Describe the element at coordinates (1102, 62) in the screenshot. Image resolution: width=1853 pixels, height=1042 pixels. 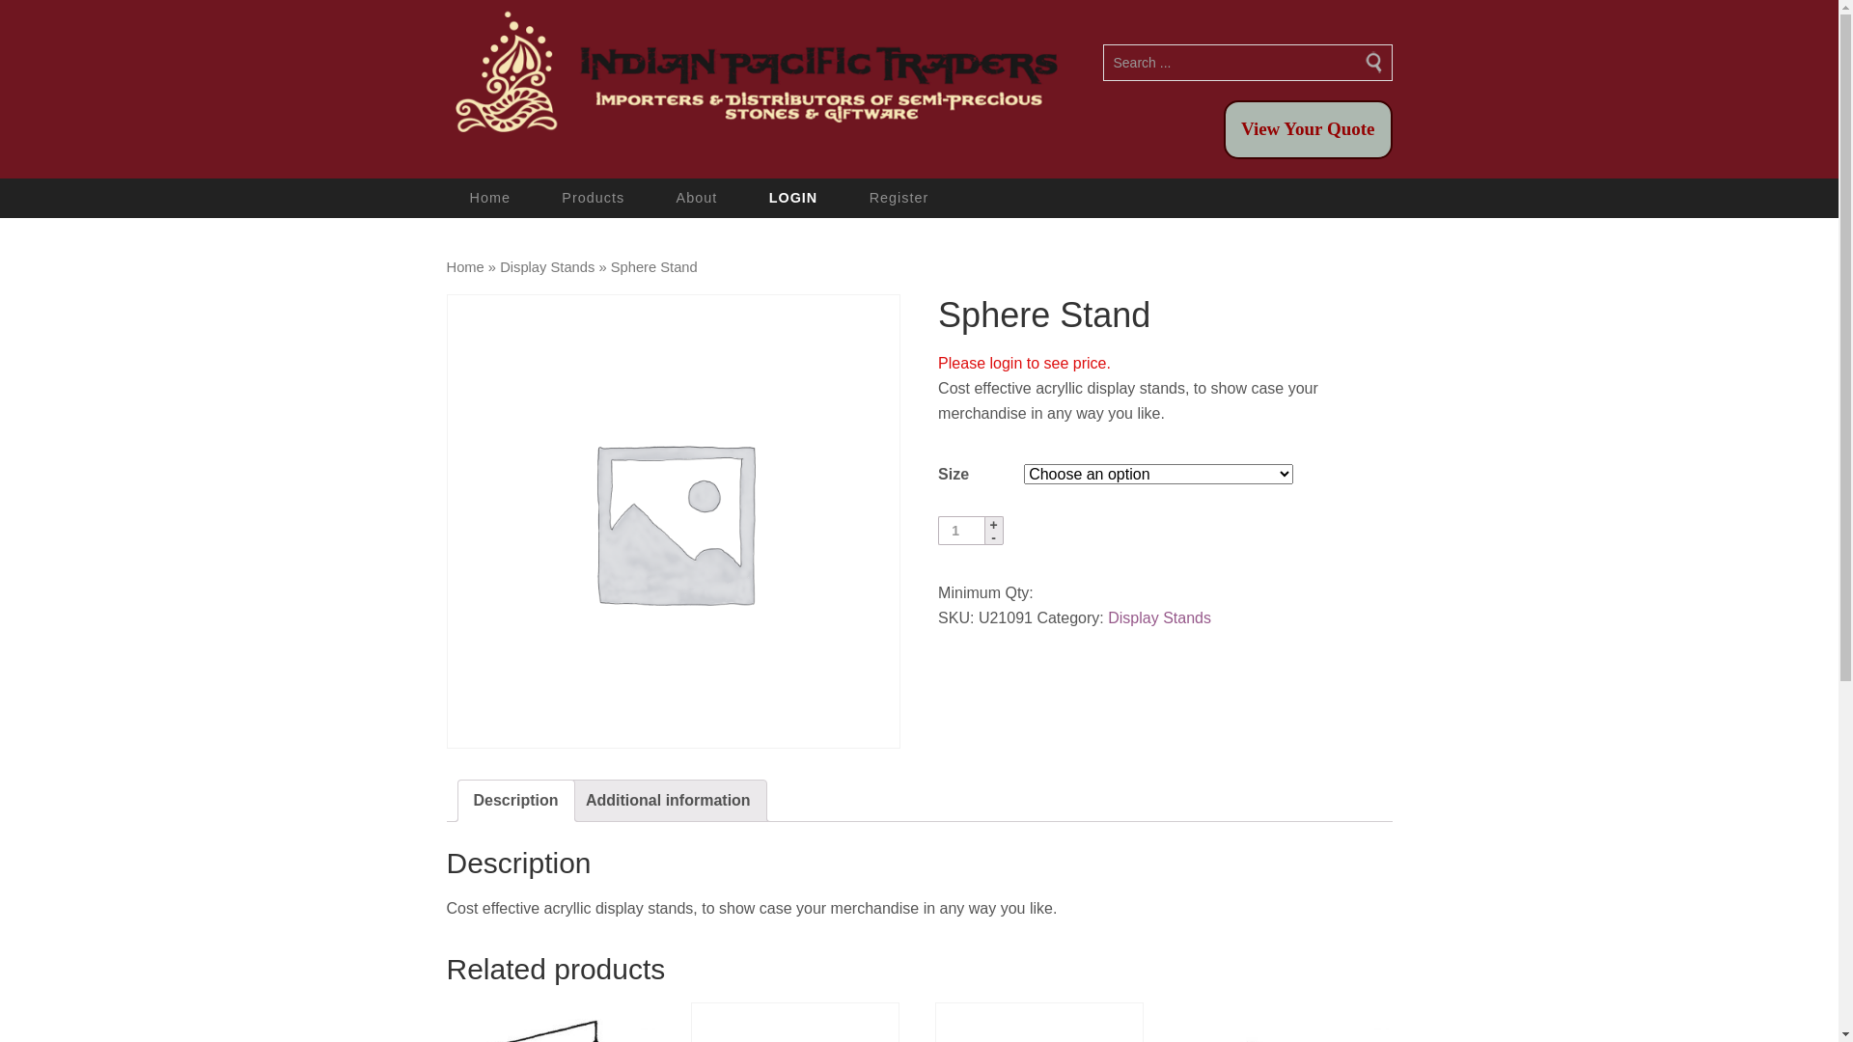
I see `'Search for:'` at that location.